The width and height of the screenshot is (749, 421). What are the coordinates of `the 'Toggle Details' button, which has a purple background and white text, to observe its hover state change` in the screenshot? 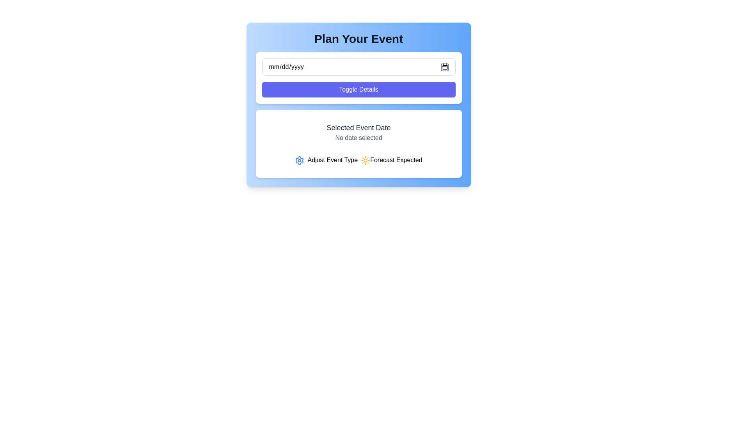 It's located at (358, 89).